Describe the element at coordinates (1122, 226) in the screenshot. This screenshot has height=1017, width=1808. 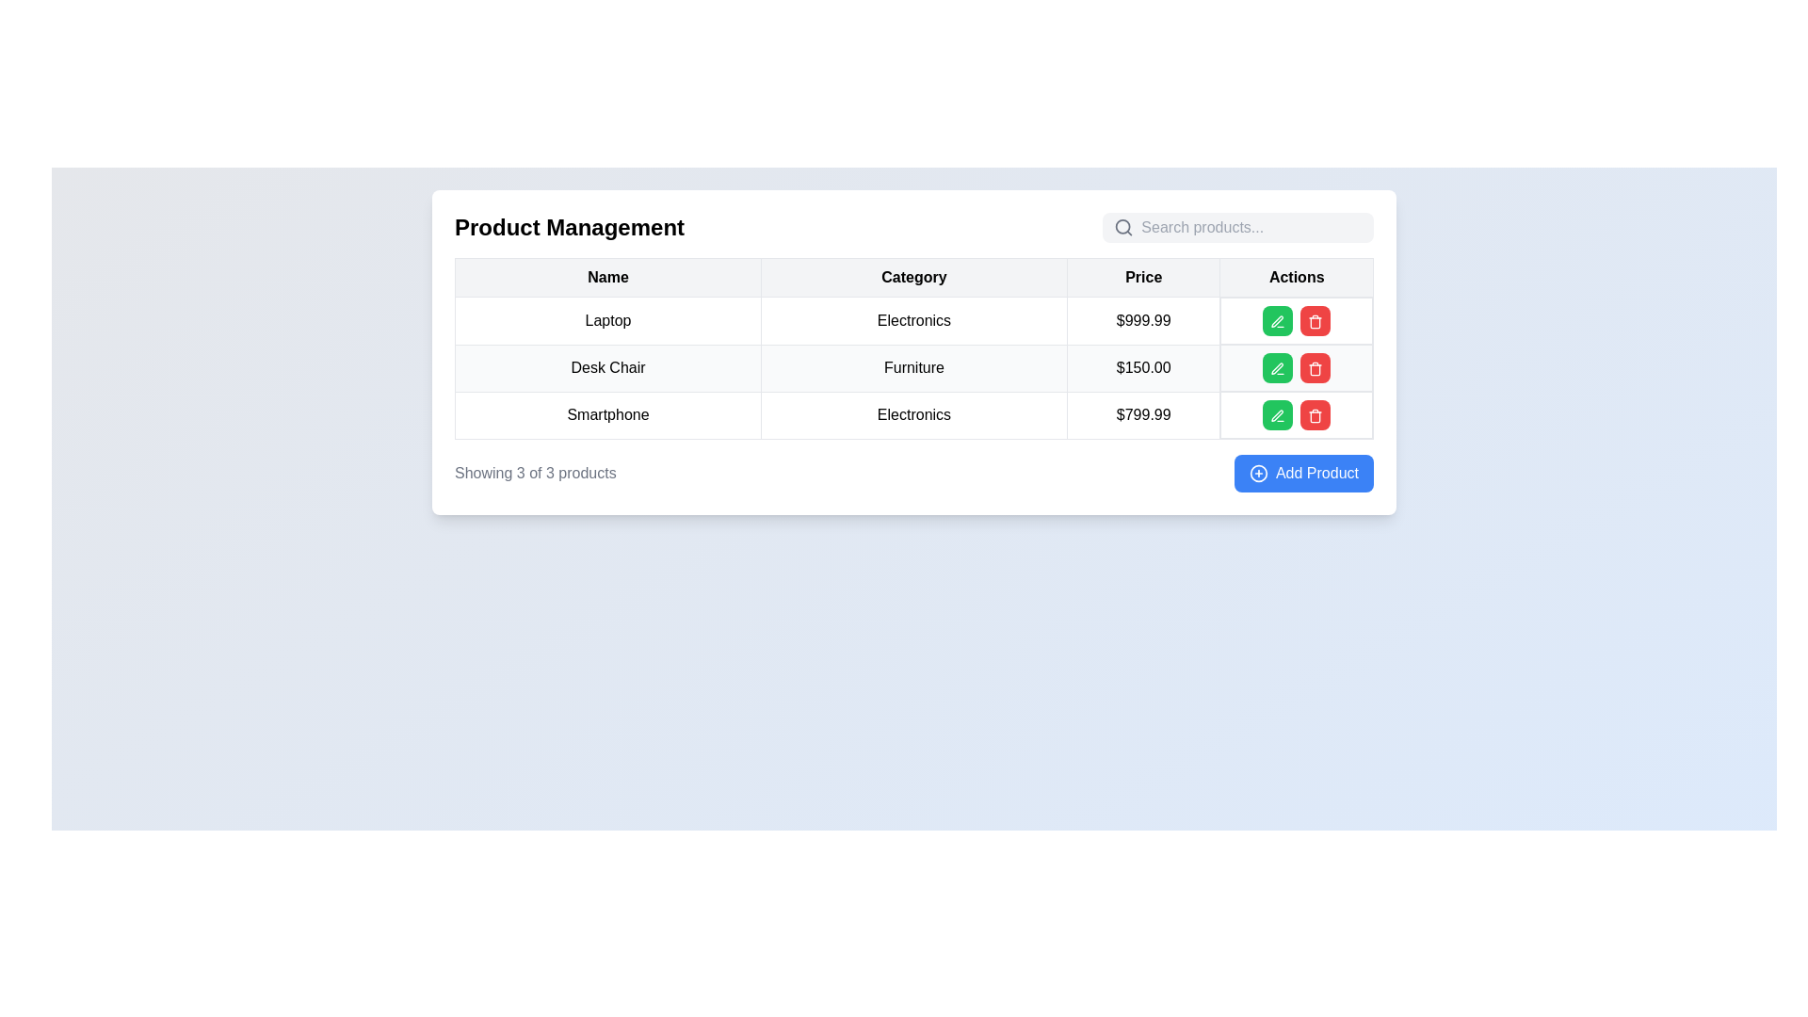
I see `the circle element that represents the magnifying glass in the search icon, located to the left of the search input field at the top-right corner of the Product Management panel` at that location.